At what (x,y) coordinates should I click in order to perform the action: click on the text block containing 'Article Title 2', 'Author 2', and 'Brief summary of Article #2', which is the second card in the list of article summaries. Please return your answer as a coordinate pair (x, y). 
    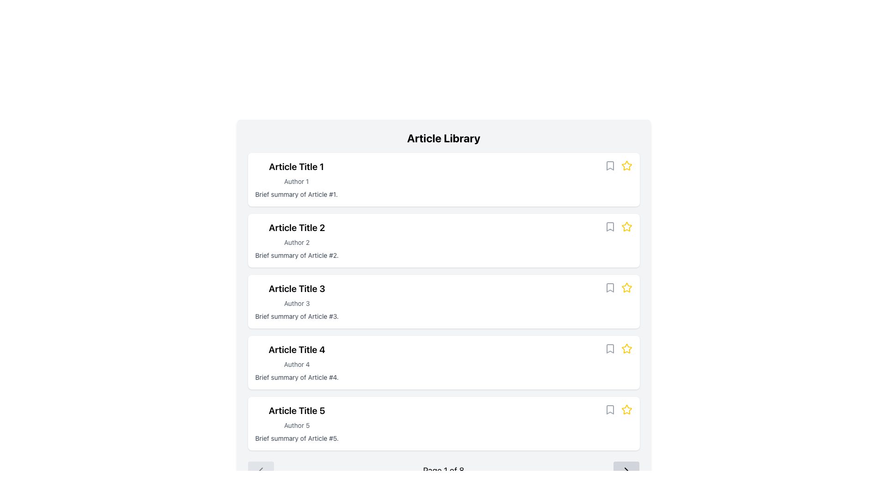
    Looking at the image, I should click on (297, 240).